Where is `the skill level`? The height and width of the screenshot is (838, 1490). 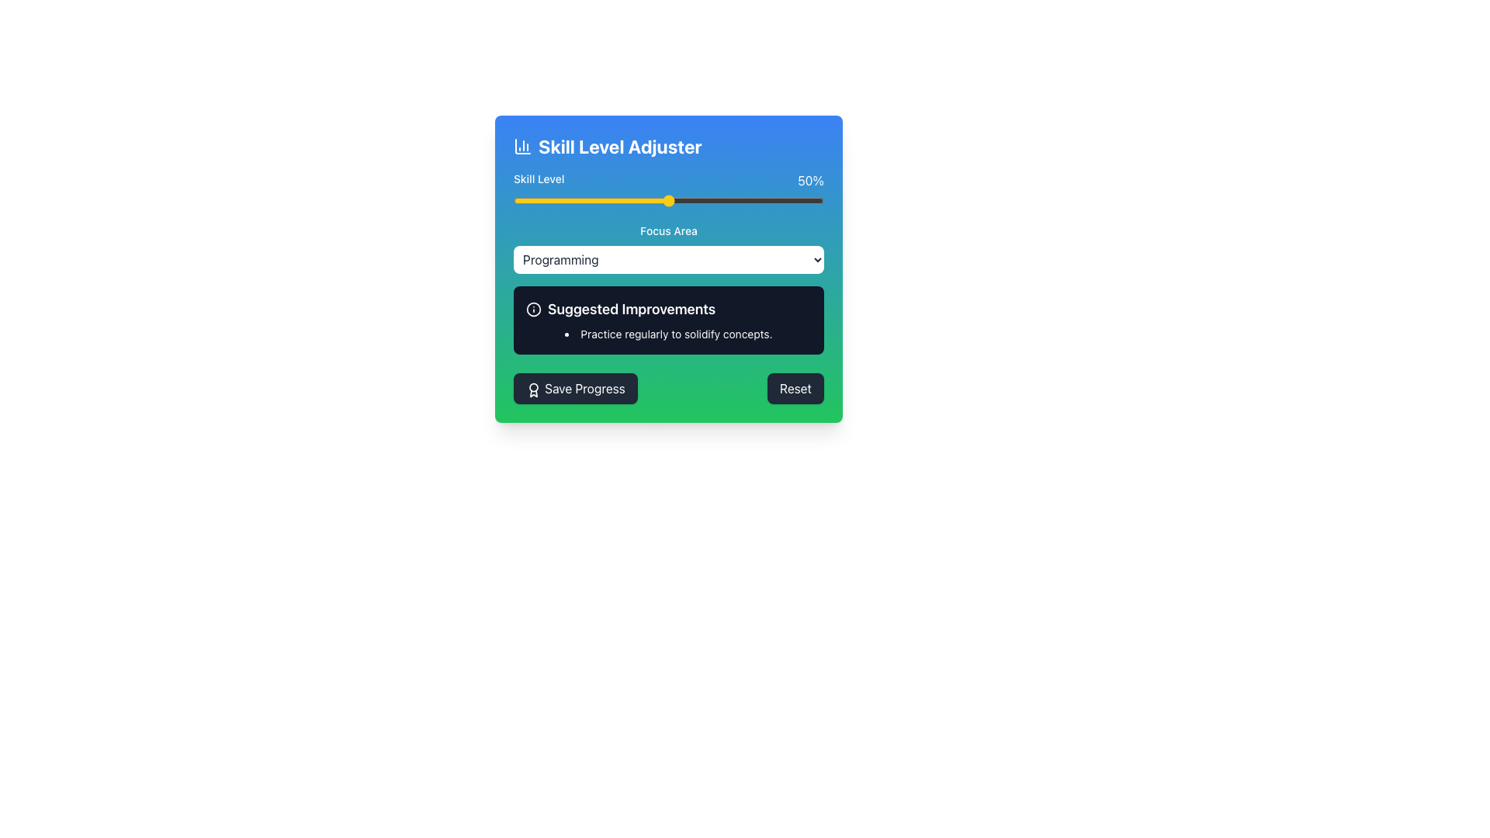
the skill level is located at coordinates (705, 199).